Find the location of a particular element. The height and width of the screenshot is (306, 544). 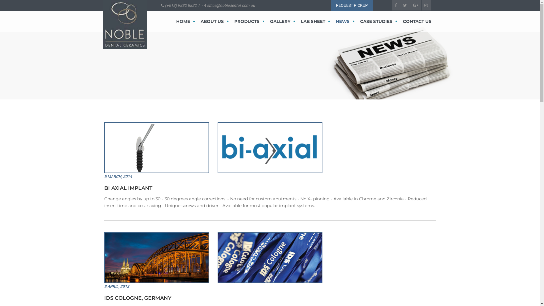

'LAB SHEET' is located at coordinates (297, 21).